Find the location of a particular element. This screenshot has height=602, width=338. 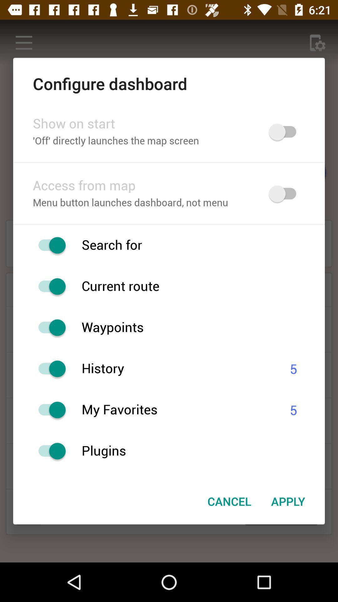

dashboard startup is located at coordinates (285, 132).